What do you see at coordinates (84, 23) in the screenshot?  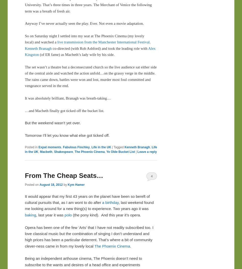 I see `'Anyway I’ve never actually seen the play. Ever. Not even a movie adaptation.'` at bounding box center [84, 23].